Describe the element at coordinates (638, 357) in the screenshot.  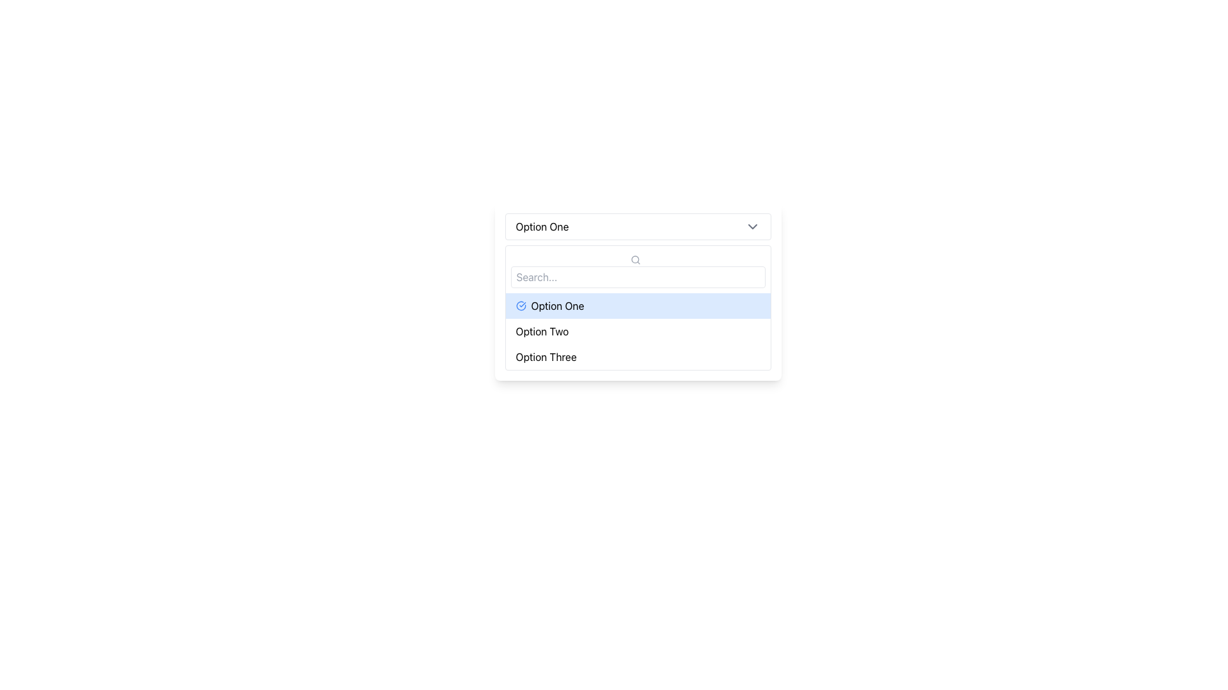
I see `the dropdown menu item` at that location.